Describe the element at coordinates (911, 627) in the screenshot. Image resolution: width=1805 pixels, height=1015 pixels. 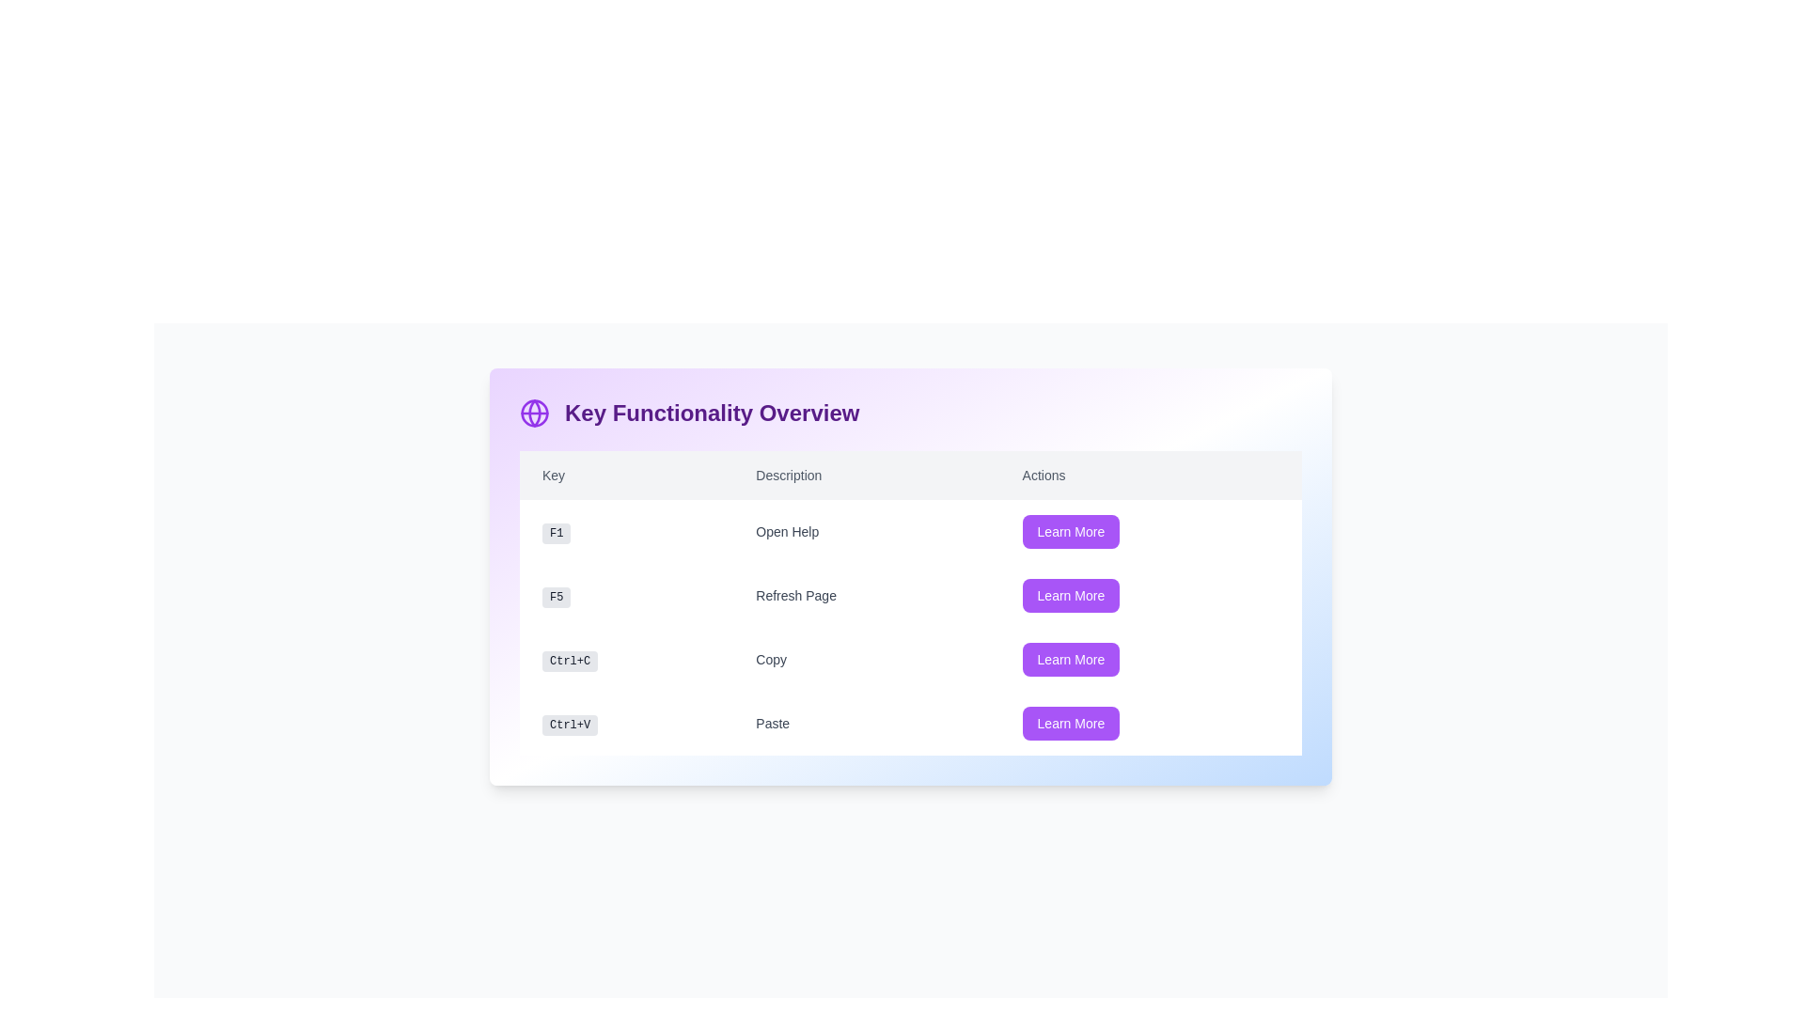
I see `the 'Learn More' button in the 'Actions' column of the third row in the 'Key Functionality Overview' table, which corresponds to the 'Ctrl+C' shortcut` at that location.